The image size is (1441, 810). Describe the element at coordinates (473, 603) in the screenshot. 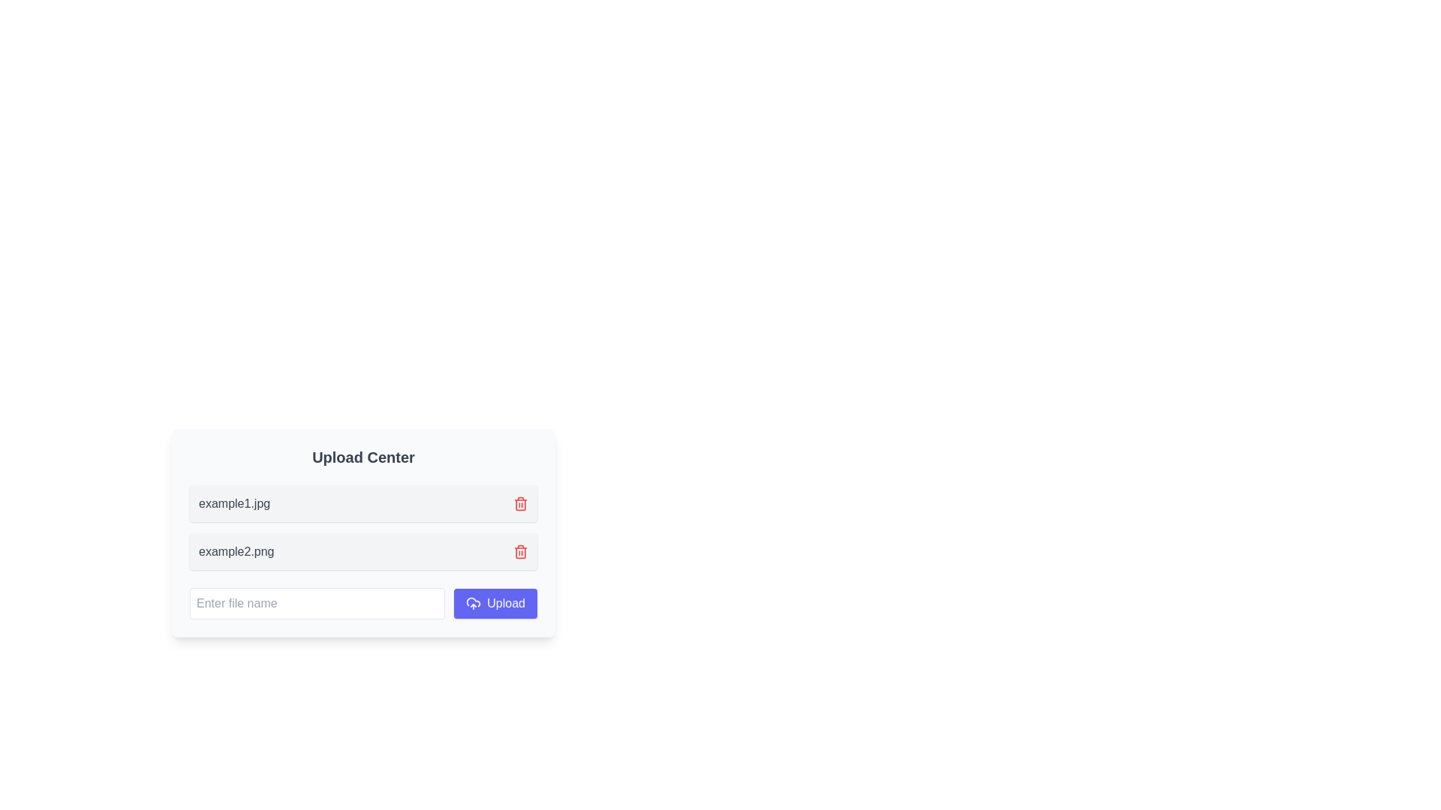

I see `the cloud upload icon located` at that location.